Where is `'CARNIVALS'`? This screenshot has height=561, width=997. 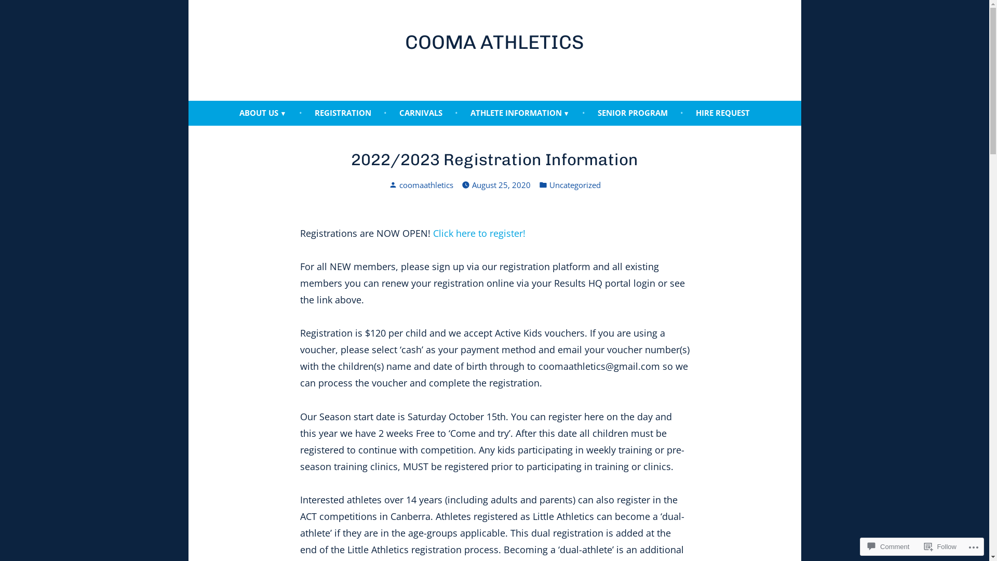
'CARNIVALS' is located at coordinates (420, 113).